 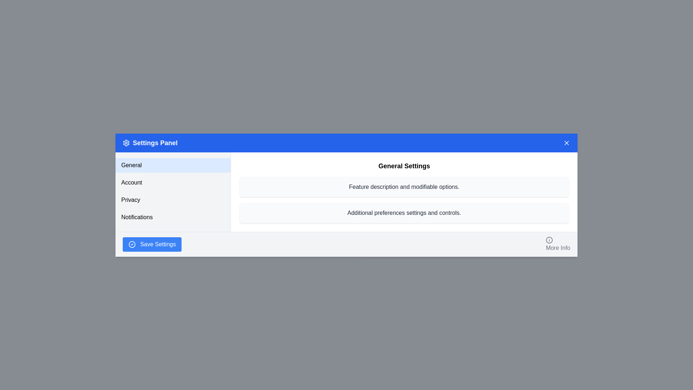 I want to click on the Text label with an embedded icon in the top-left portion of the blue header bar, which indicates the purpose of the settings section, so click(x=150, y=143).